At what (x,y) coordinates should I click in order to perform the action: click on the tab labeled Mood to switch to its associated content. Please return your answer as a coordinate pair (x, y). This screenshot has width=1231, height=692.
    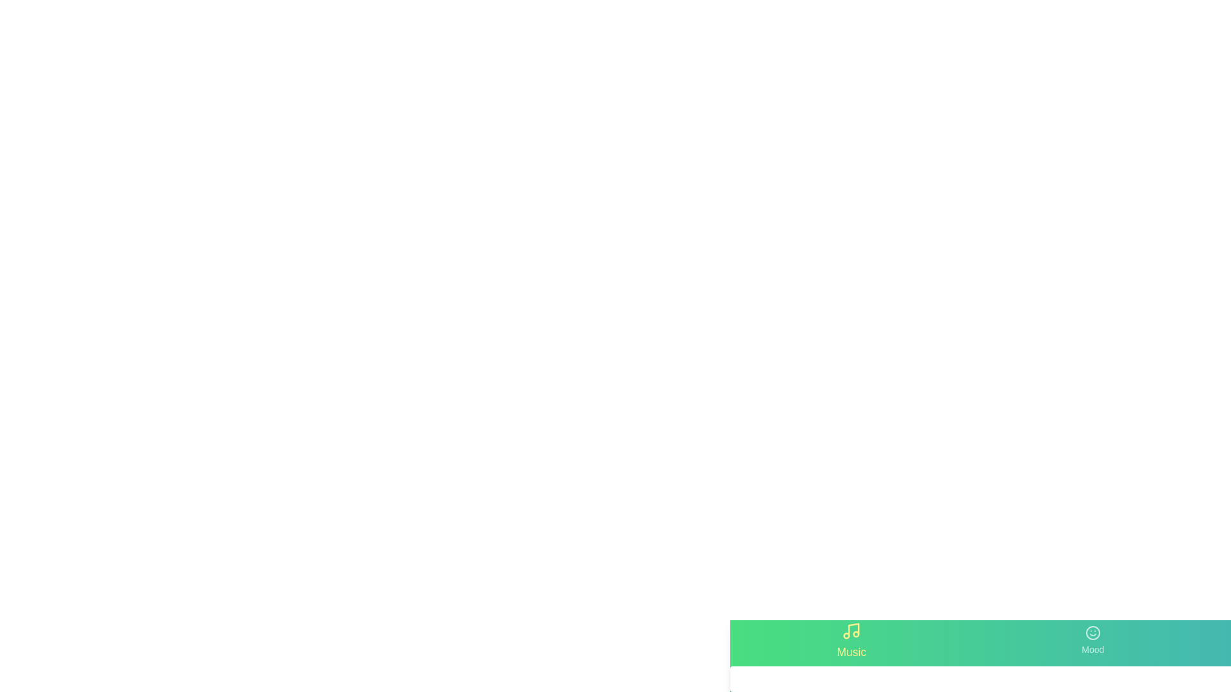
    Looking at the image, I should click on (1092, 640).